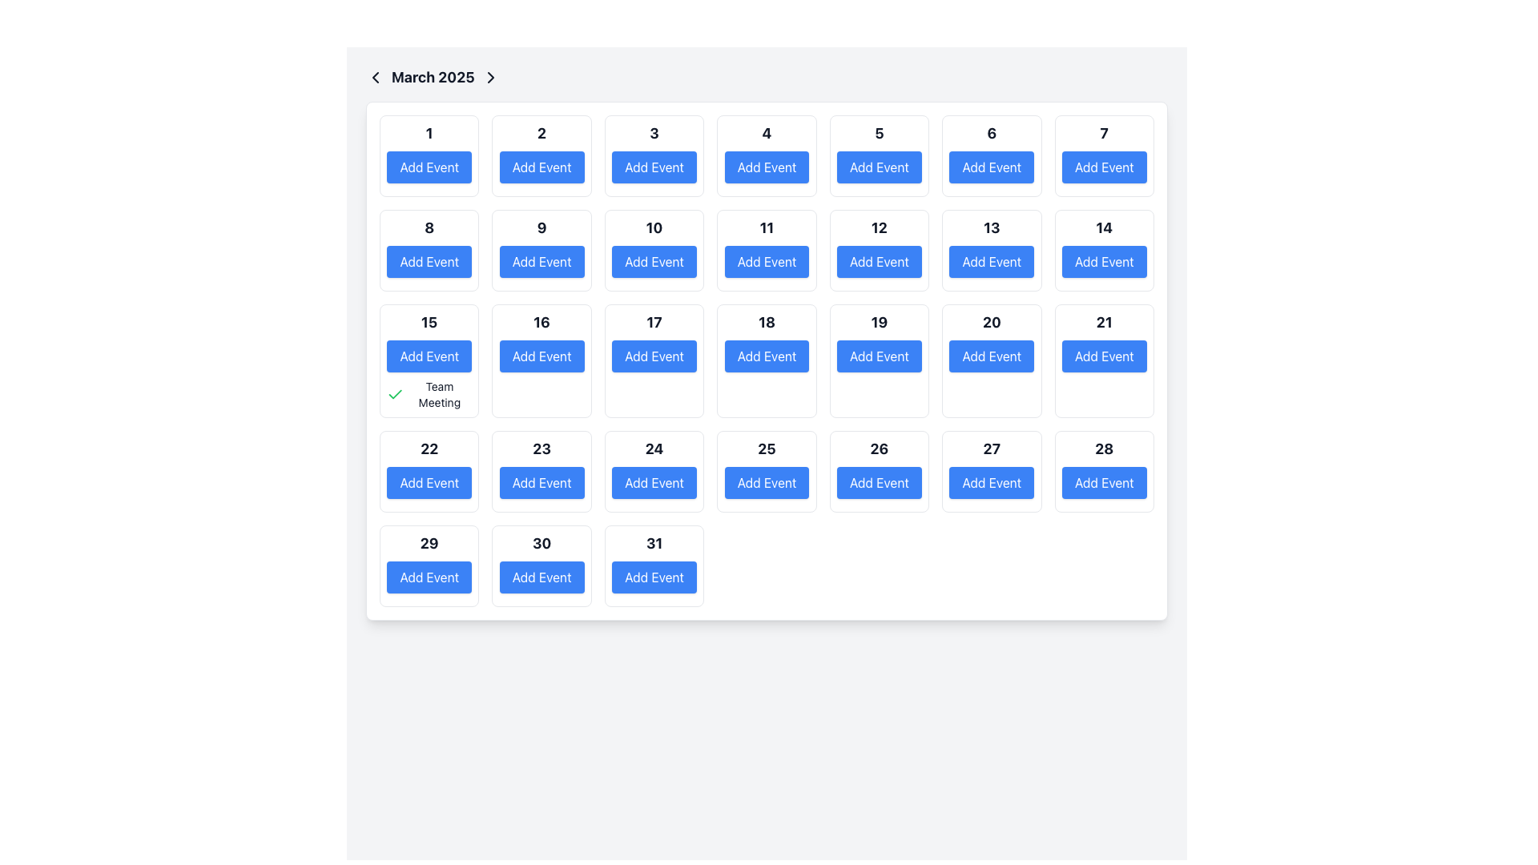  What do you see at coordinates (1103, 355) in the screenshot?
I see `the button located in the grid layout for March 21st to initiate adding an event` at bounding box center [1103, 355].